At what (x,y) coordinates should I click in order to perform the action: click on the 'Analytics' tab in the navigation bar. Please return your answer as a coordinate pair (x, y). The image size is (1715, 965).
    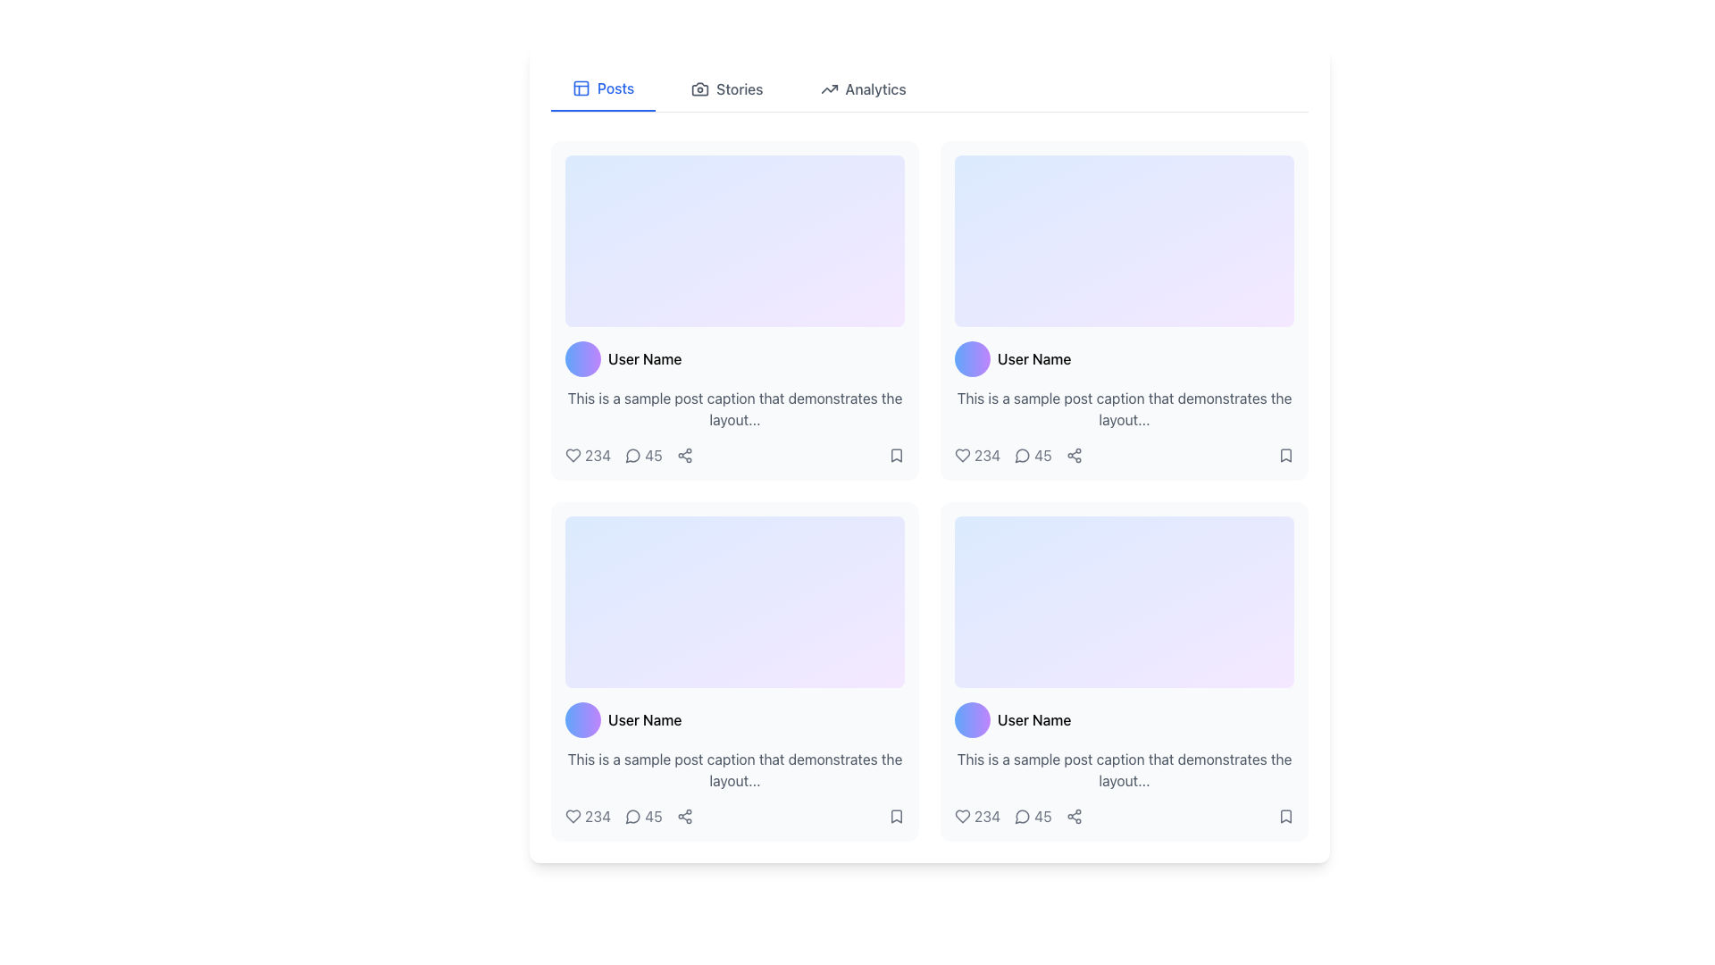
    Looking at the image, I should click on (863, 89).